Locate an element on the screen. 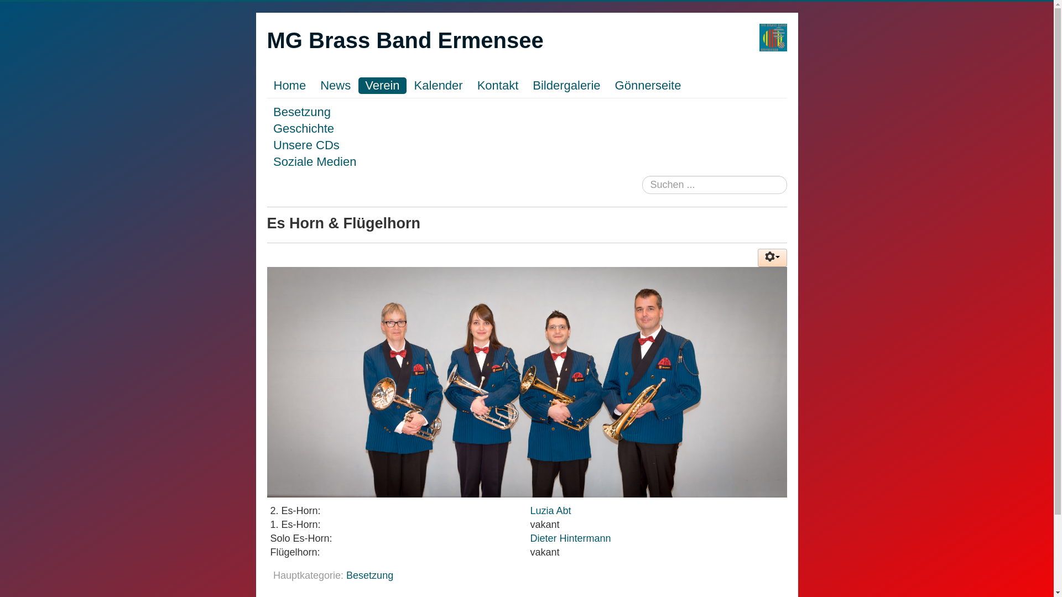 This screenshot has width=1062, height=597. 'News' is located at coordinates (335, 85).